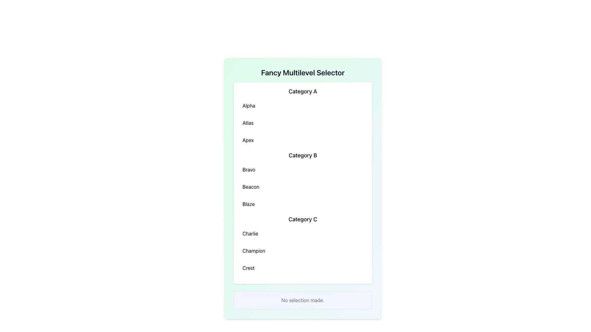 This screenshot has width=591, height=332. Describe the element at coordinates (251, 187) in the screenshot. I see `the text label reading 'Beacon', which is the second entry under the 'Category B' heading, following 'Bravo' and preceding 'Blaze'` at that location.